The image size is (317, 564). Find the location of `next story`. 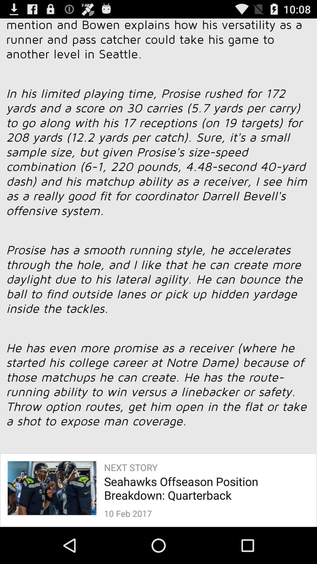

next story is located at coordinates (158, 265).